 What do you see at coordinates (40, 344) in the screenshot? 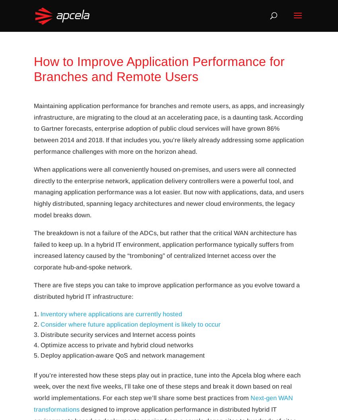
I see `'Optimize access to private and hybrid cloud networks'` at bounding box center [40, 344].